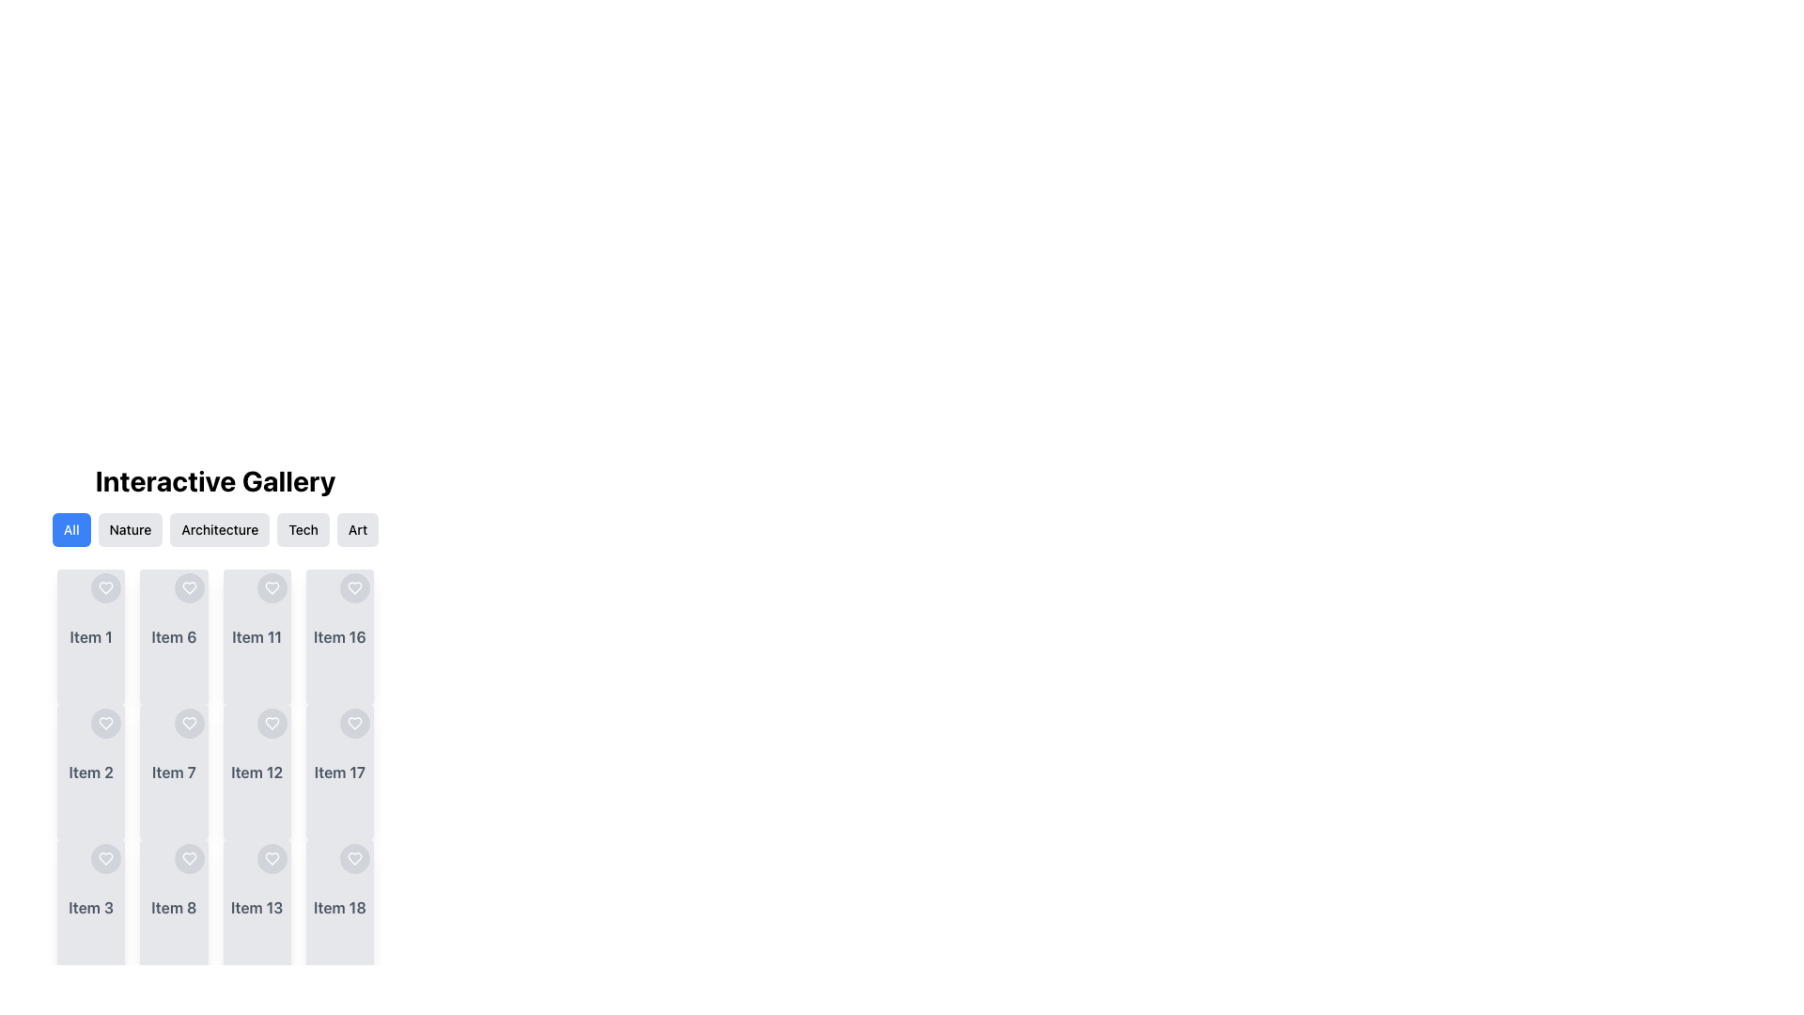 Image resolution: width=1804 pixels, height=1015 pixels. Describe the element at coordinates (61, 636) in the screenshot. I see `the circular magnifying glass icon with a cross in the middle, located within the 'View Details' button in the gallery interface to zoom in` at that location.